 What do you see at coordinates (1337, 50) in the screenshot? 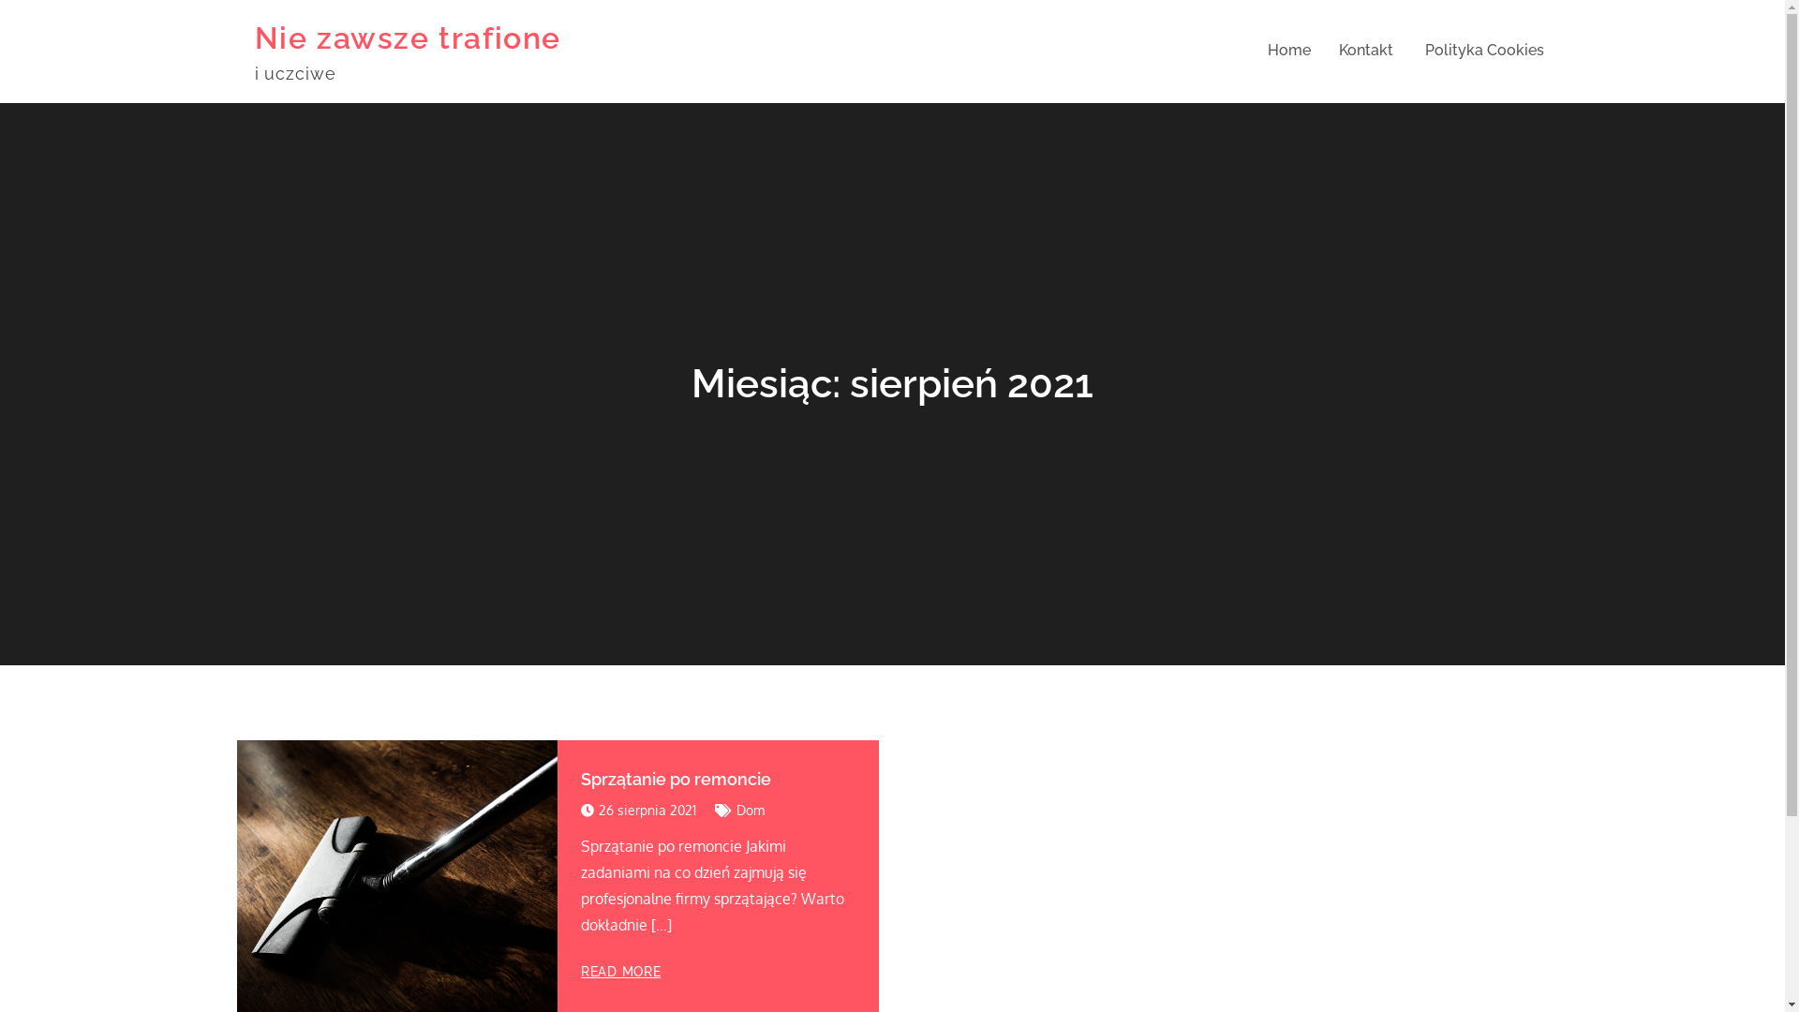
I see `'Kontakt'` at bounding box center [1337, 50].